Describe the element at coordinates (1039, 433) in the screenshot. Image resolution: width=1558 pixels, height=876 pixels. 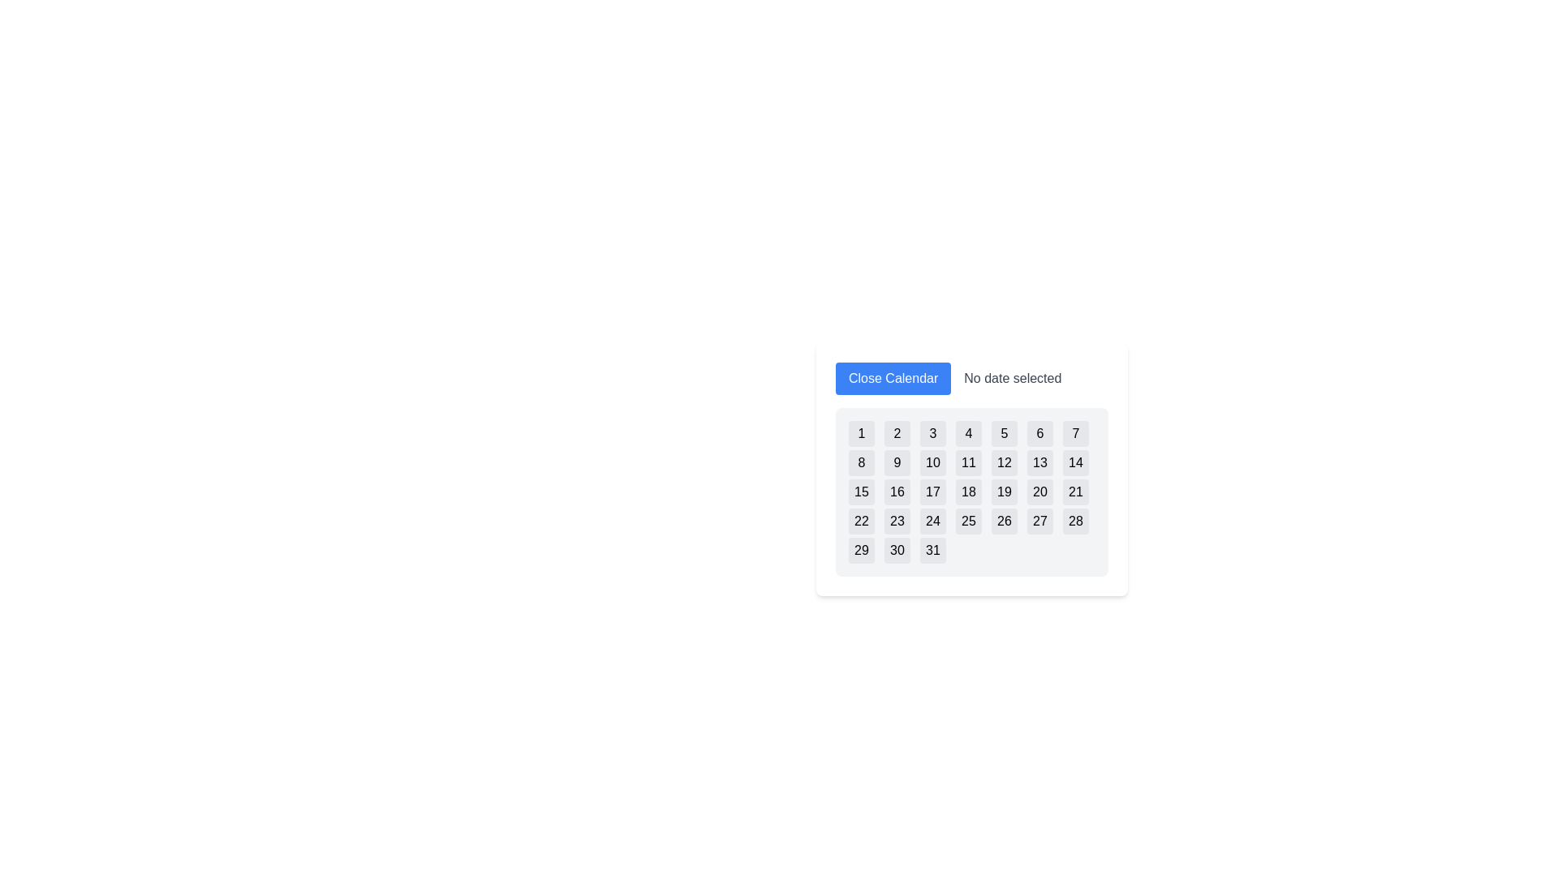
I see `the button representing the number '6' in the calendar grid` at that location.